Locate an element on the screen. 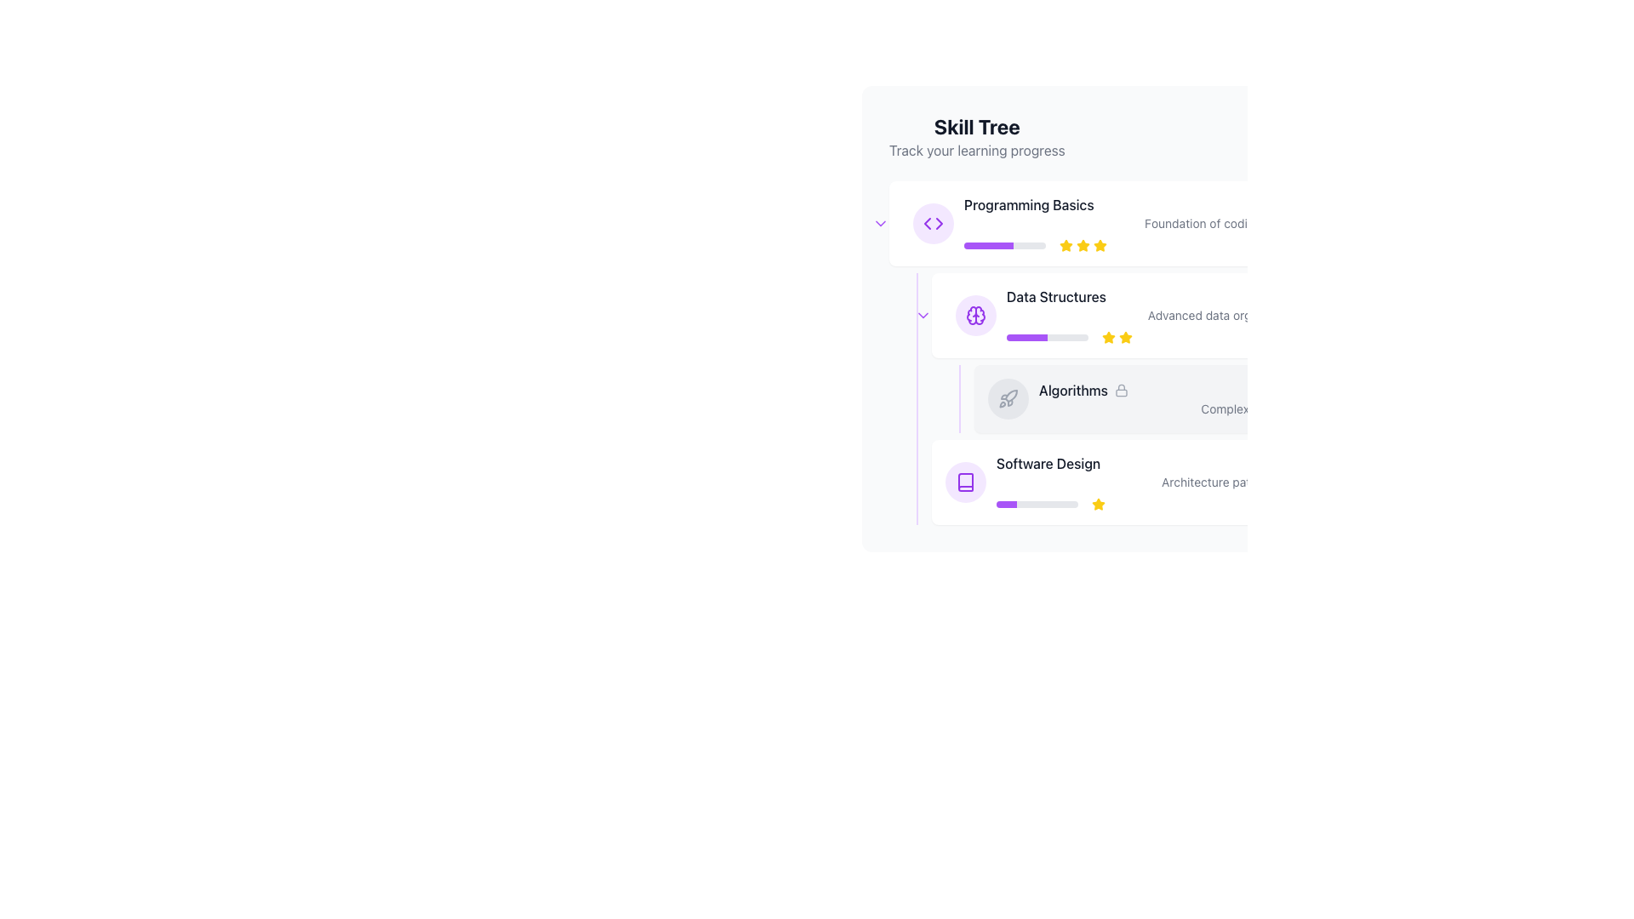 Image resolution: width=1634 pixels, height=919 pixels. the second star-shaped rating icon in the 'Skill Tree' interface for the 'Programming Basics' section to understand its status is located at coordinates (1082, 246).